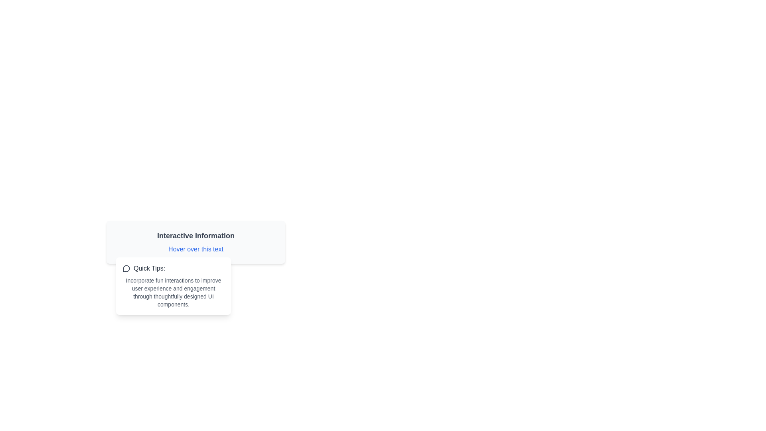 This screenshot has height=431, width=766. What do you see at coordinates (195, 249) in the screenshot?
I see `the interactive text styled as a hyperlink that reads 'Hover over this text' located centrally within the interactive group under the heading 'Interactive Information'` at bounding box center [195, 249].